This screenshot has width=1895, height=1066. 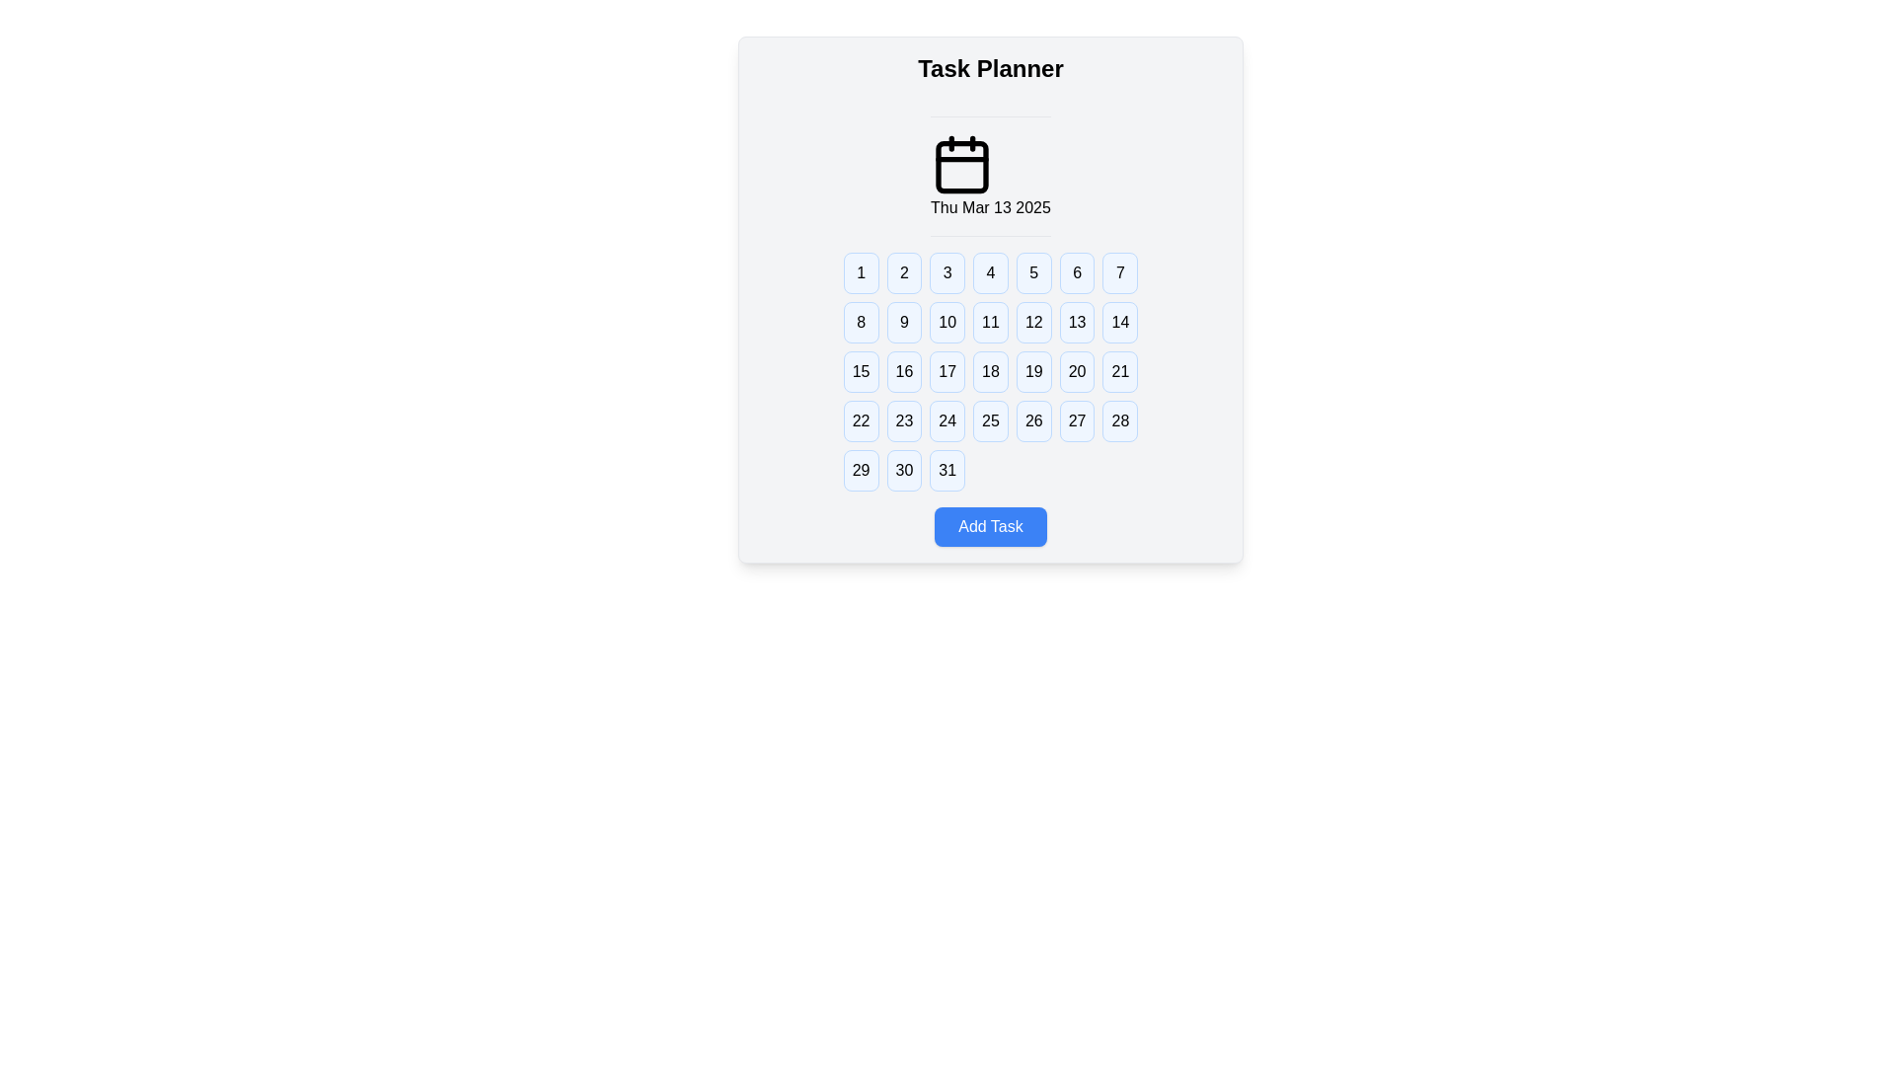 I want to click on the date cell representing '21' in the calendar interface, located in the third row and seventh column of the grid layout, so click(x=1120, y=372).